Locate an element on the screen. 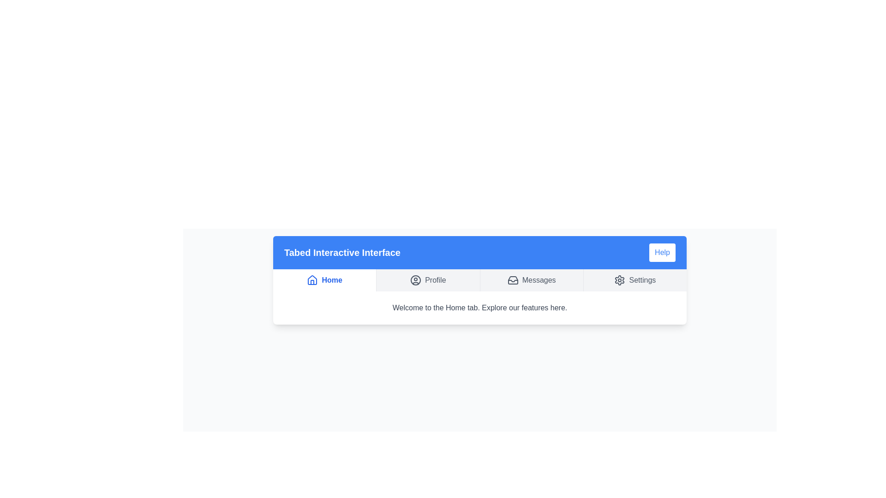 The height and width of the screenshot is (498, 886). text of the 'Home' label located in the navigation bar at the top of the interface, styled in blue and positioned adjacent to a house-shaped icon is located at coordinates (332, 280).